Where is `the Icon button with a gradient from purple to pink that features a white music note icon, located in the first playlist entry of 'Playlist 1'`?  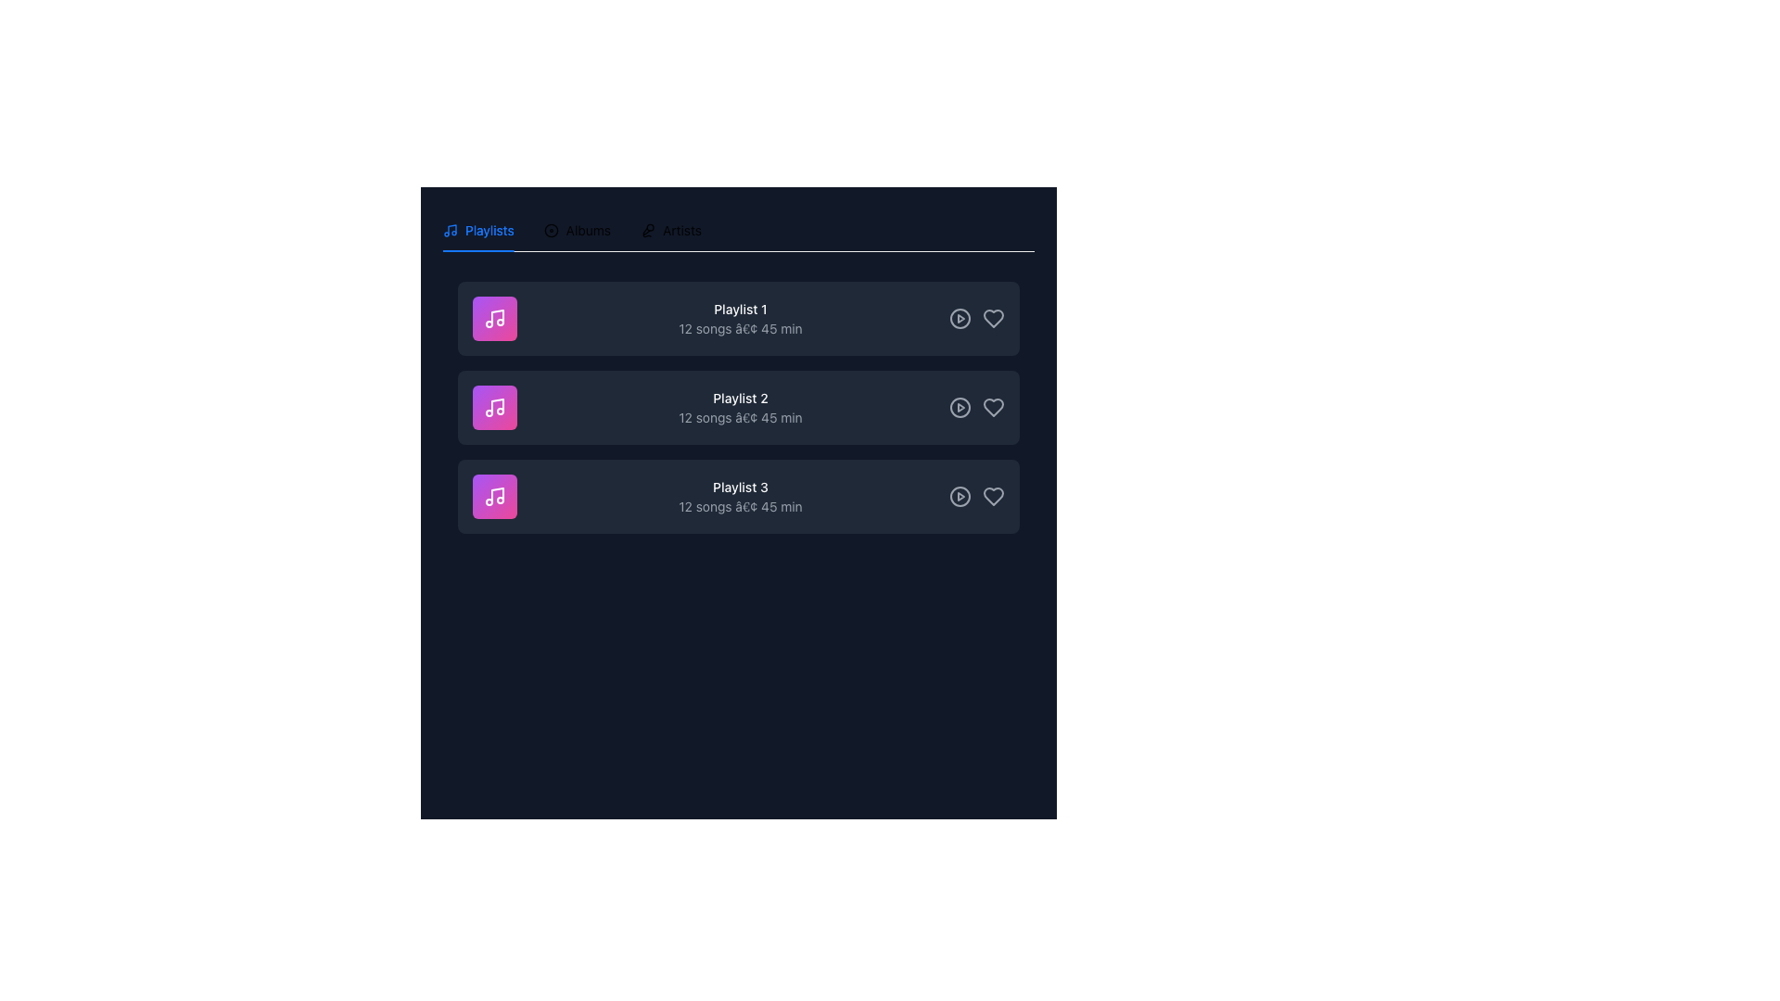
the Icon button with a gradient from purple to pink that features a white music note icon, located in the first playlist entry of 'Playlist 1' is located at coordinates (494, 317).